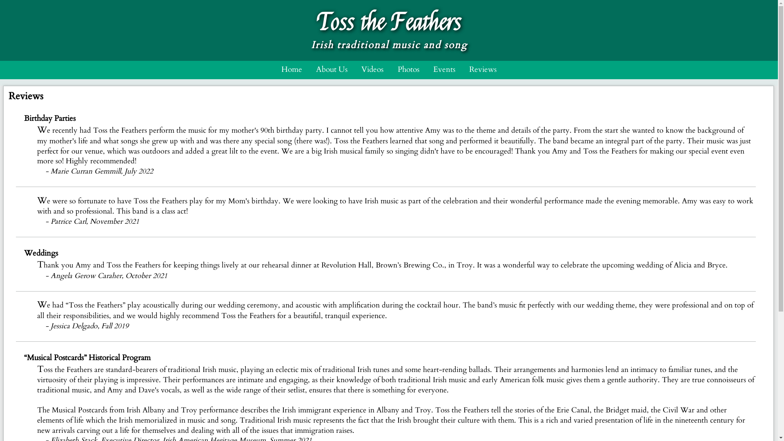  What do you see at coordinates (444, 69) in the screenshot?
I see `'Events'` at bounding box center [444, 69].